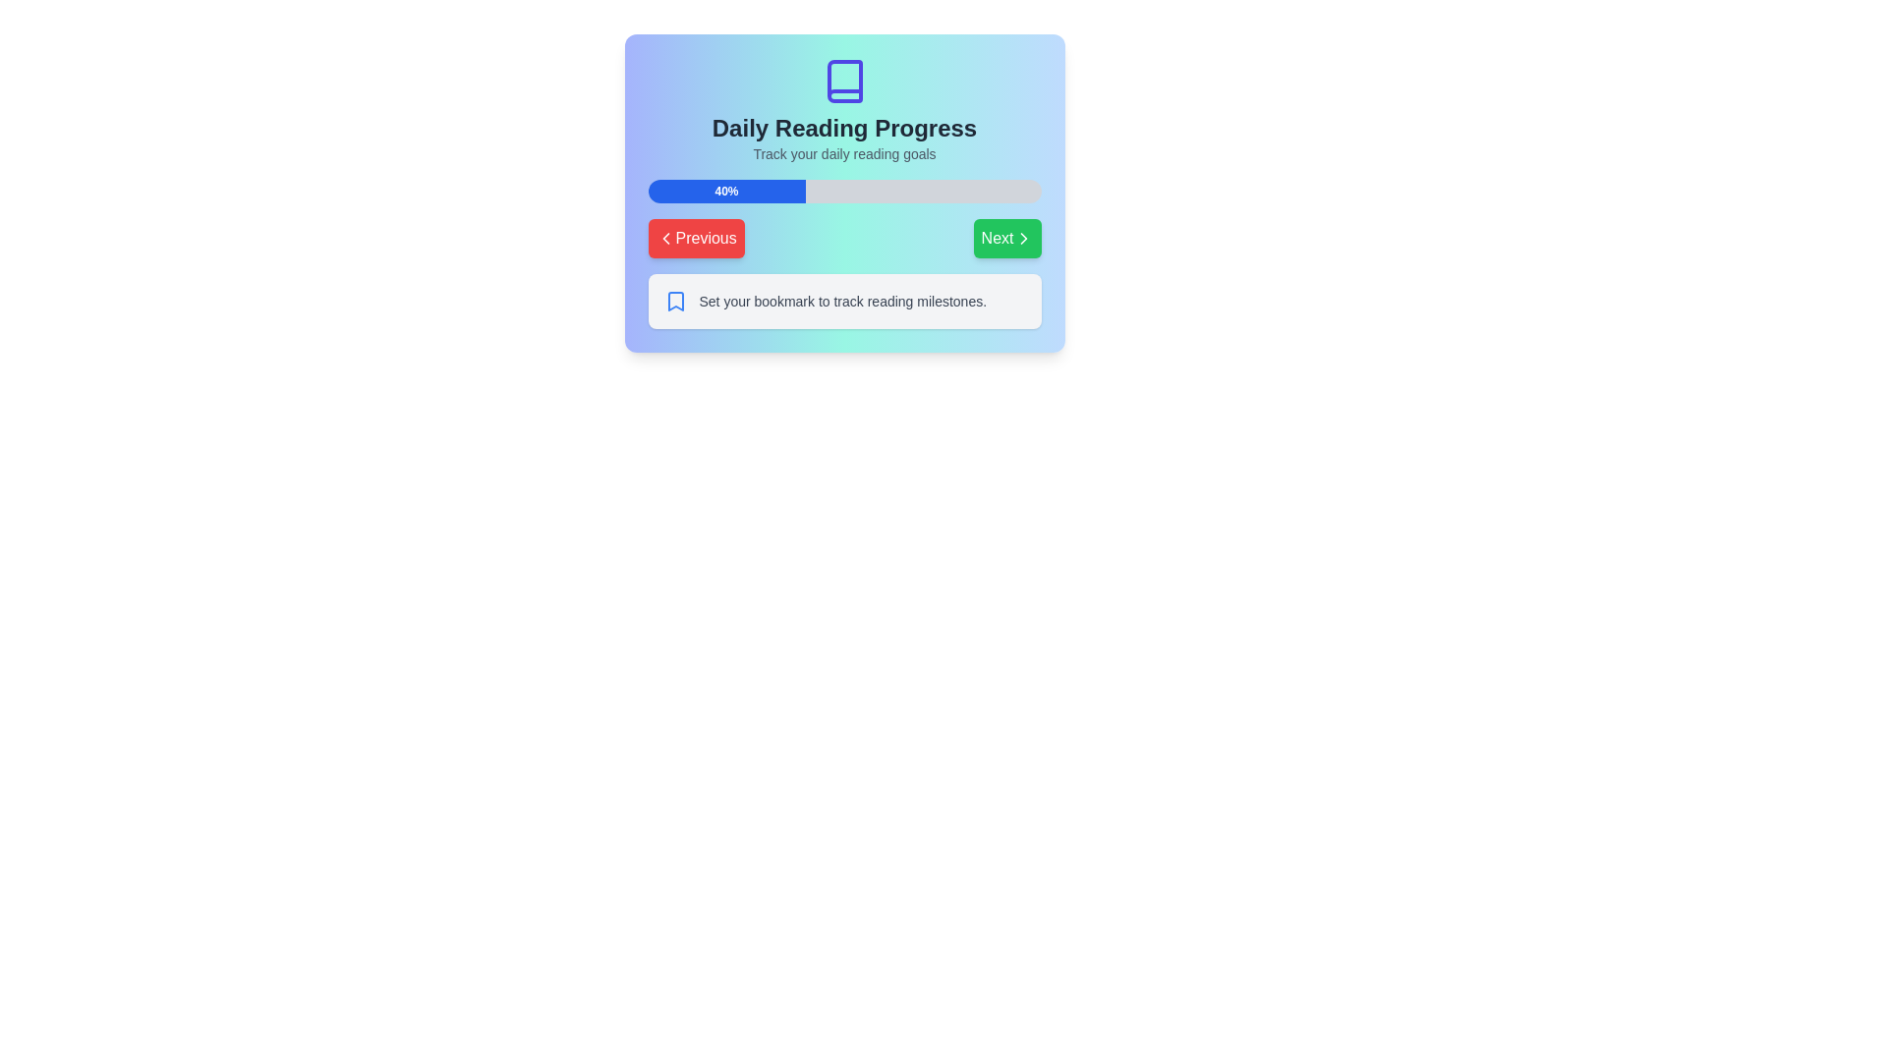  What do you see at coordinates (725, 192) in the screenshot?
I see `the blue progress bar segment displaying '40%' located below the title 'Daily Reading Progress'` at bounding box center [725, 192].